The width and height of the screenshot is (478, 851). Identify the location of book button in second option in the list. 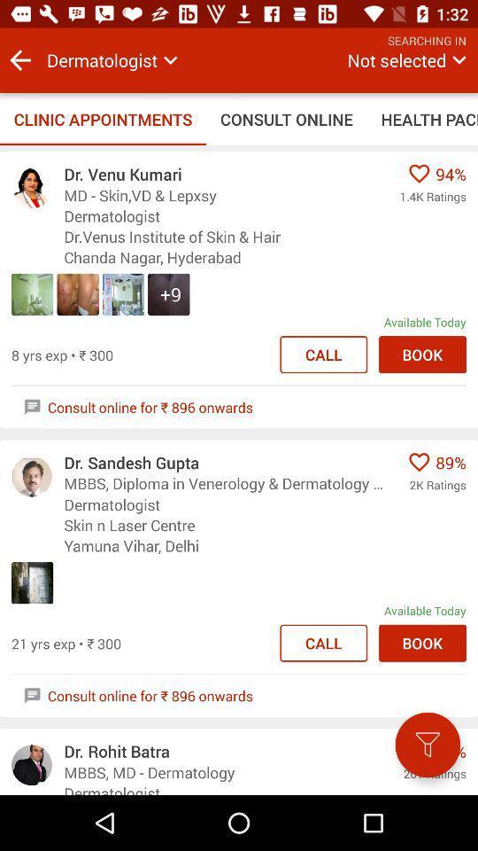
(421, 642).